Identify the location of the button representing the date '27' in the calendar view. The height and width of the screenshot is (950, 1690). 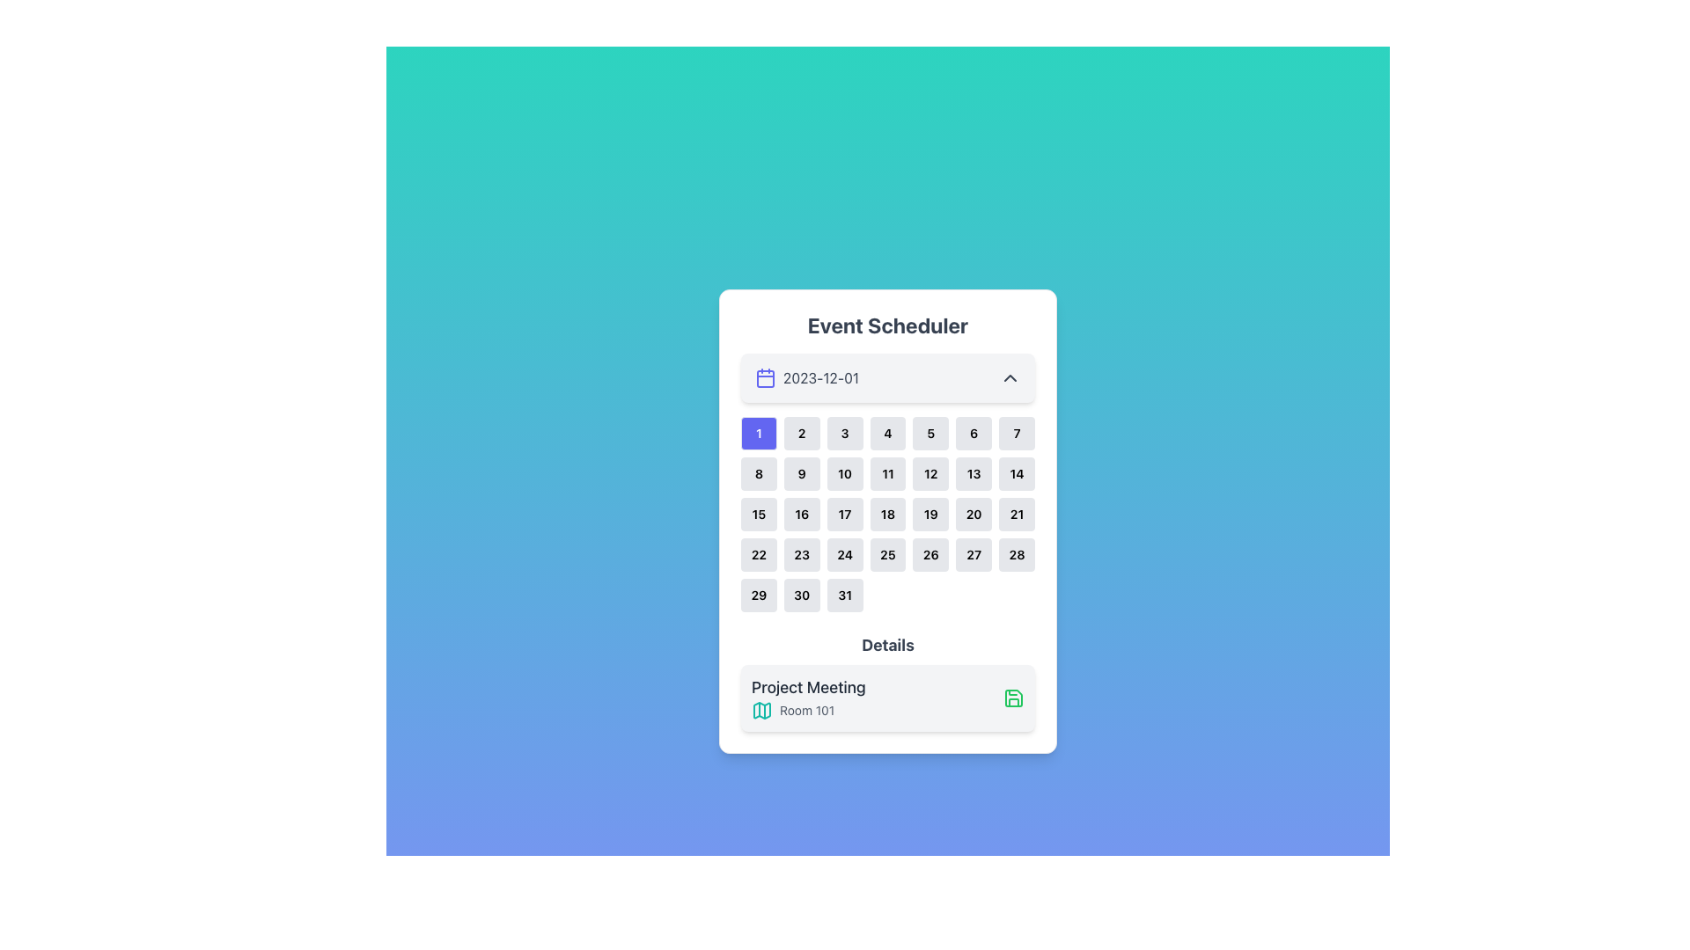
(973, 555).